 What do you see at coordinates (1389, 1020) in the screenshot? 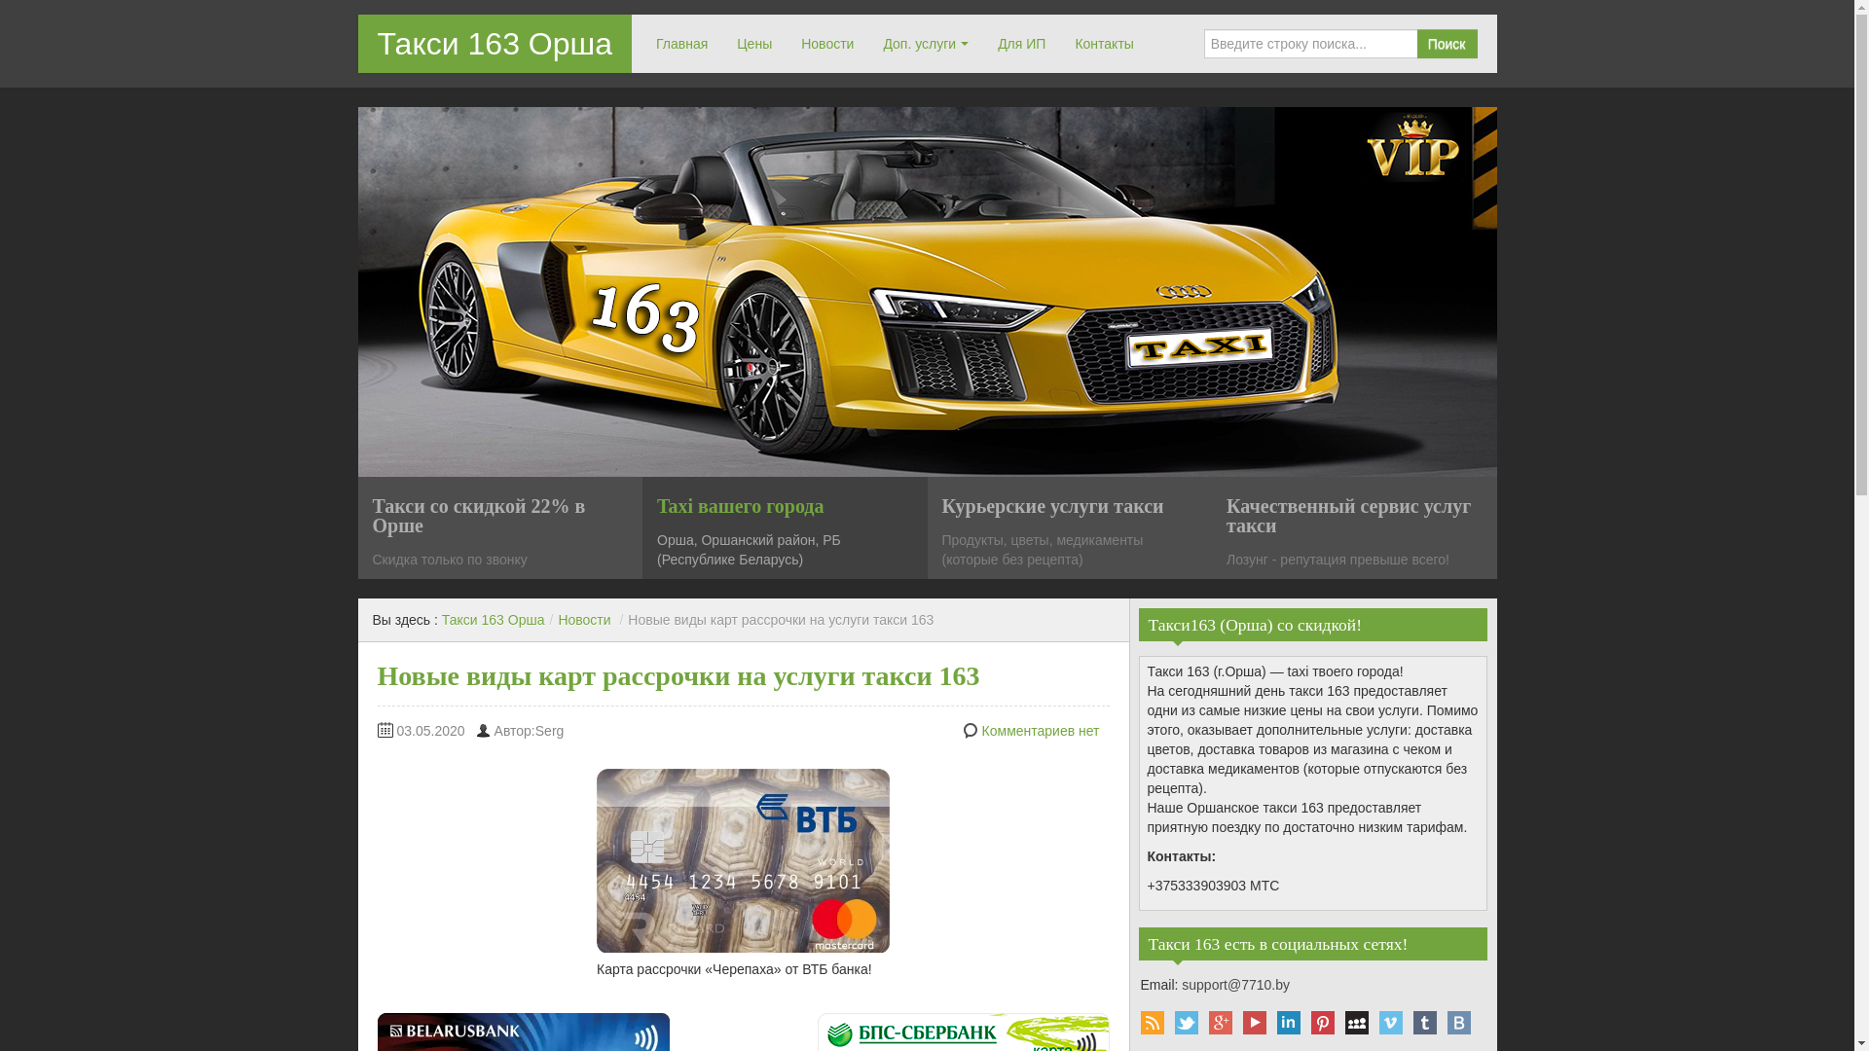
I see `'Vimeo'` at bounding box center [1389, 1020].